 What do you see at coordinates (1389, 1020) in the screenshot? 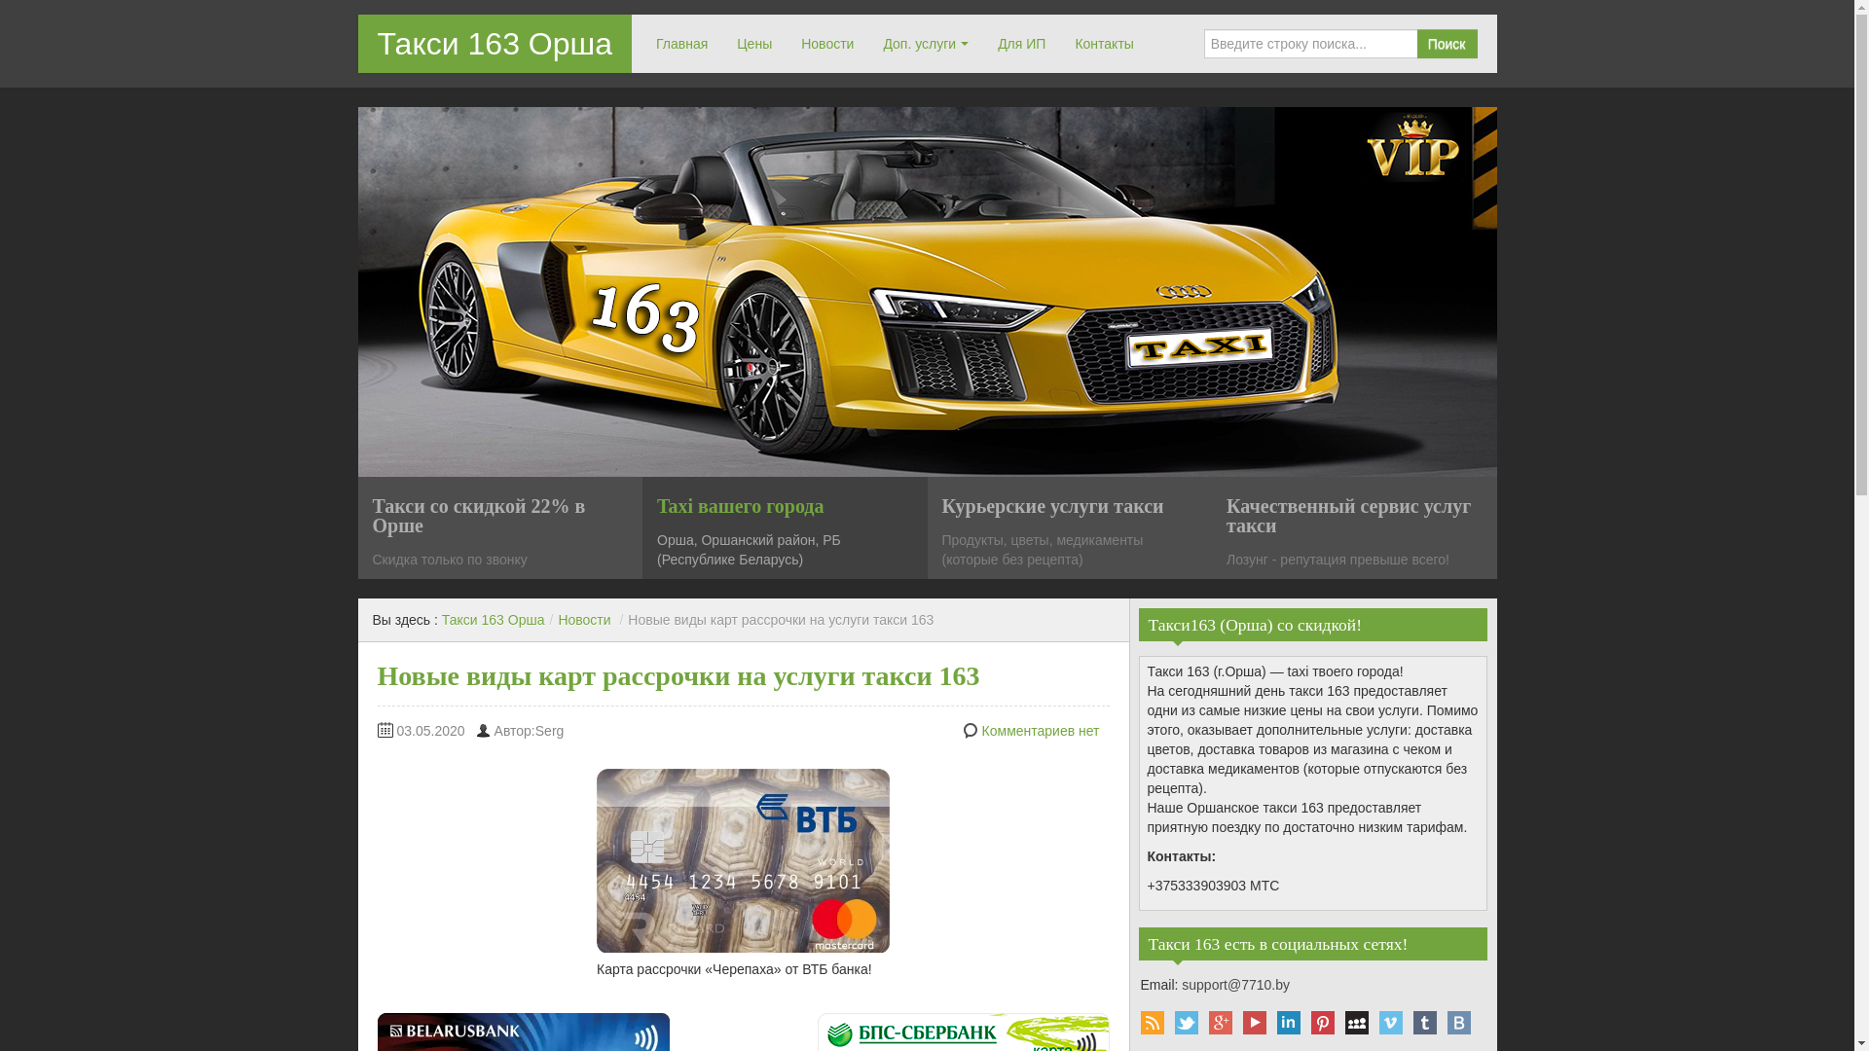
I see `'Vimeo'` at bounding box center [1389, 1020].